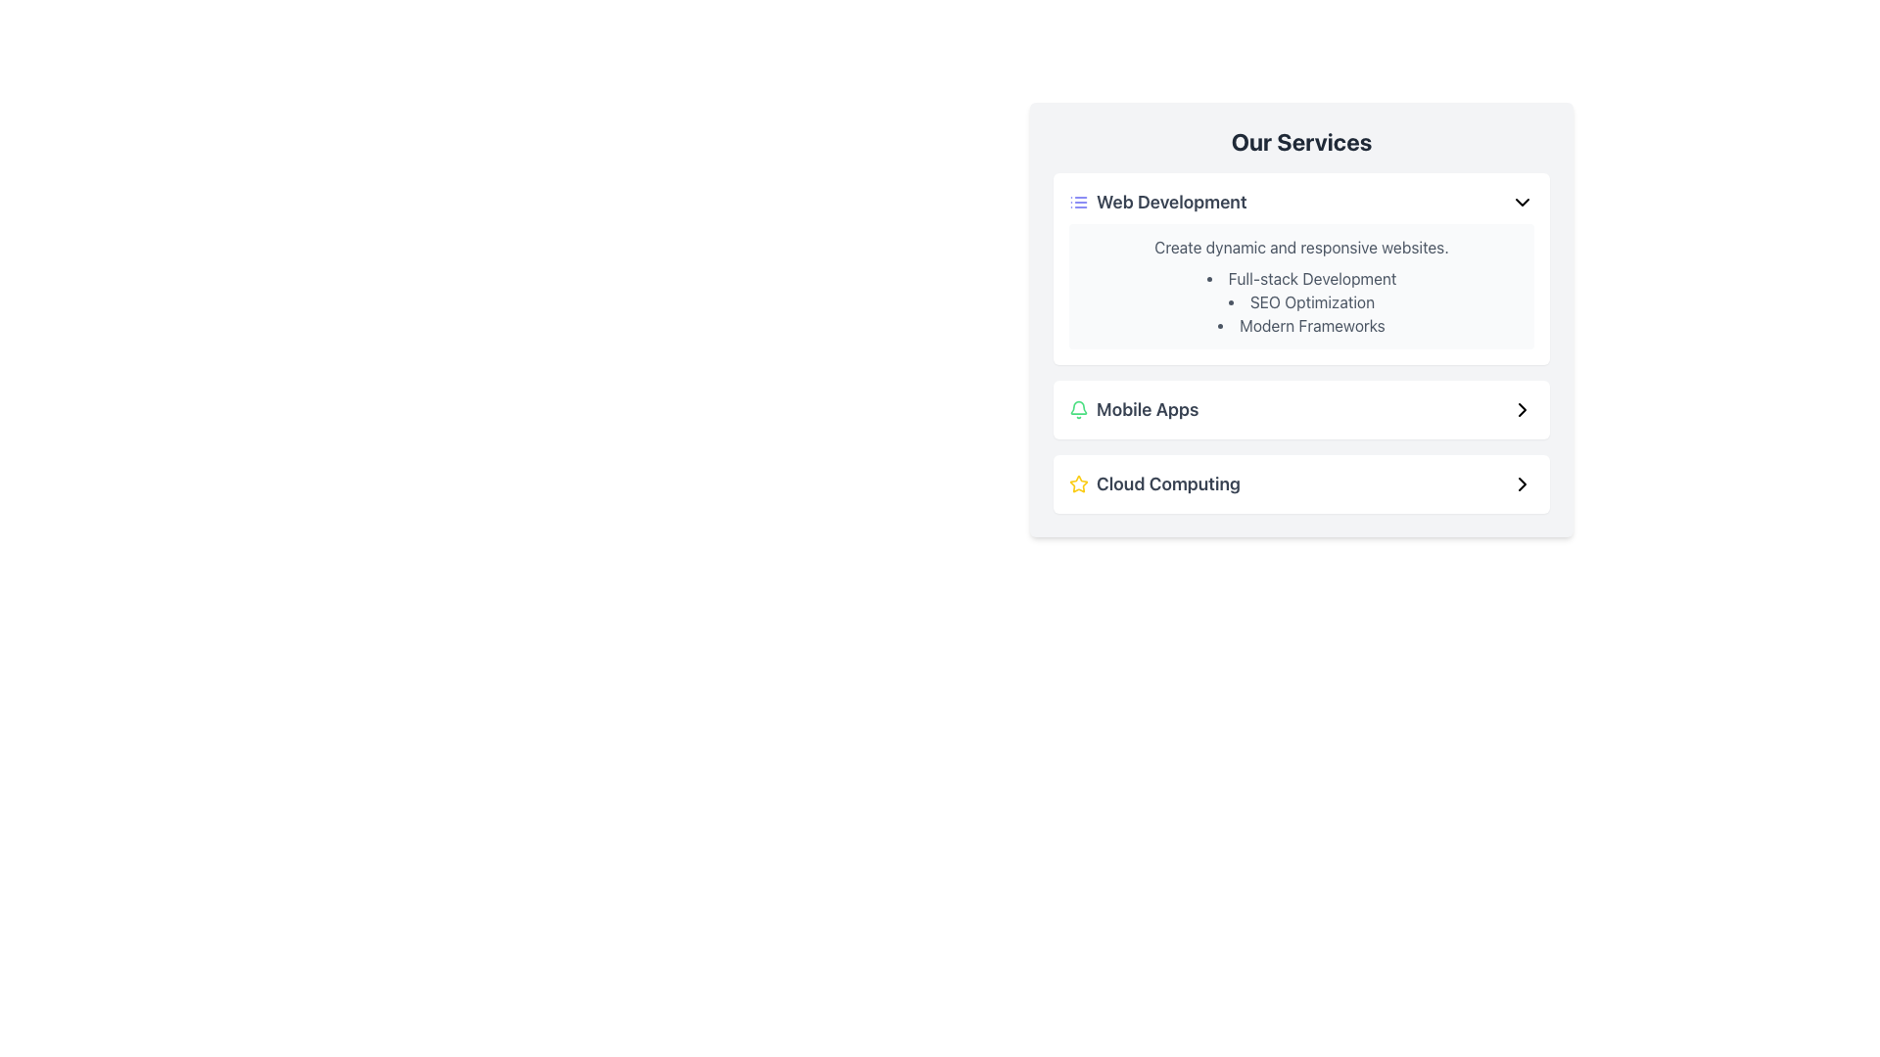 Image resolution: width=1880 pixels, height=1057 pixels. I want to click on the collapsible/expandable icon for the 'Web Development' section, which is located next to the text 'Web Development' at the top of the service categories list, so click(1522, 203).